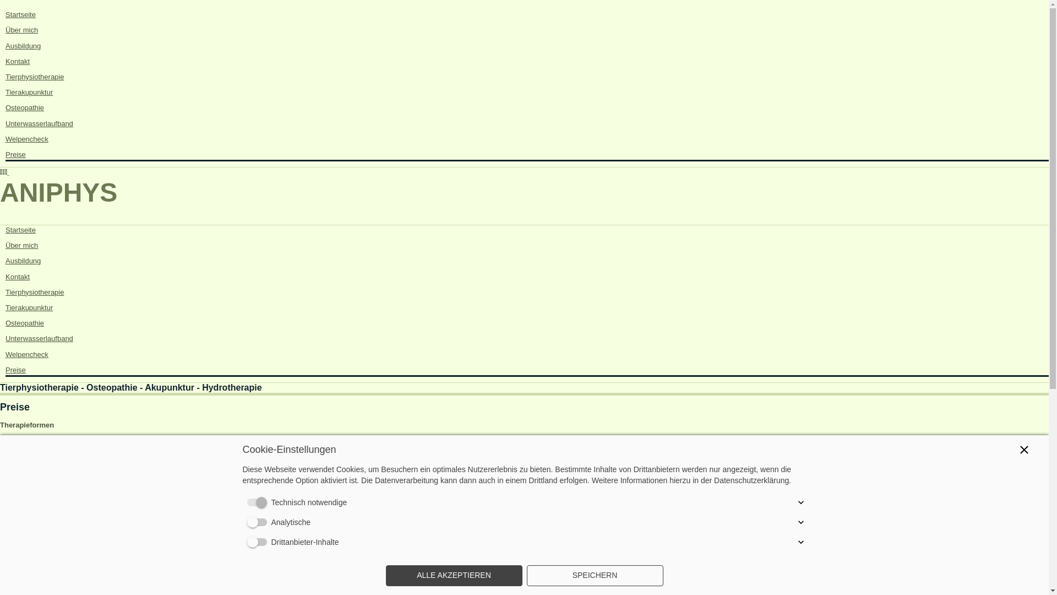 This screenshot has height=595, width=1057. Describe the element at coordinates (23, 261) in the screenshot. I see `'Ausbildung'` at that location.